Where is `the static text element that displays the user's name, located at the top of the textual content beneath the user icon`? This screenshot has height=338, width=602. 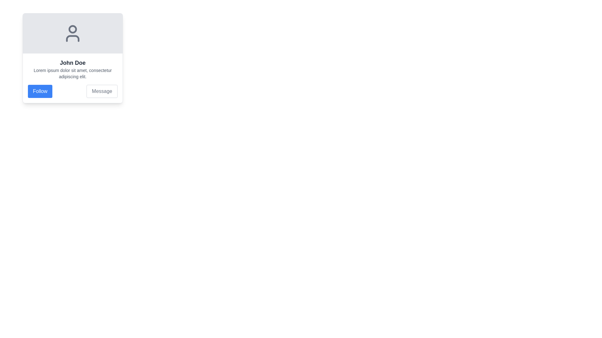 the static text element that displays the user's name, located at the top of the textual content beneath the user icon is located at coordinates (72, 63).